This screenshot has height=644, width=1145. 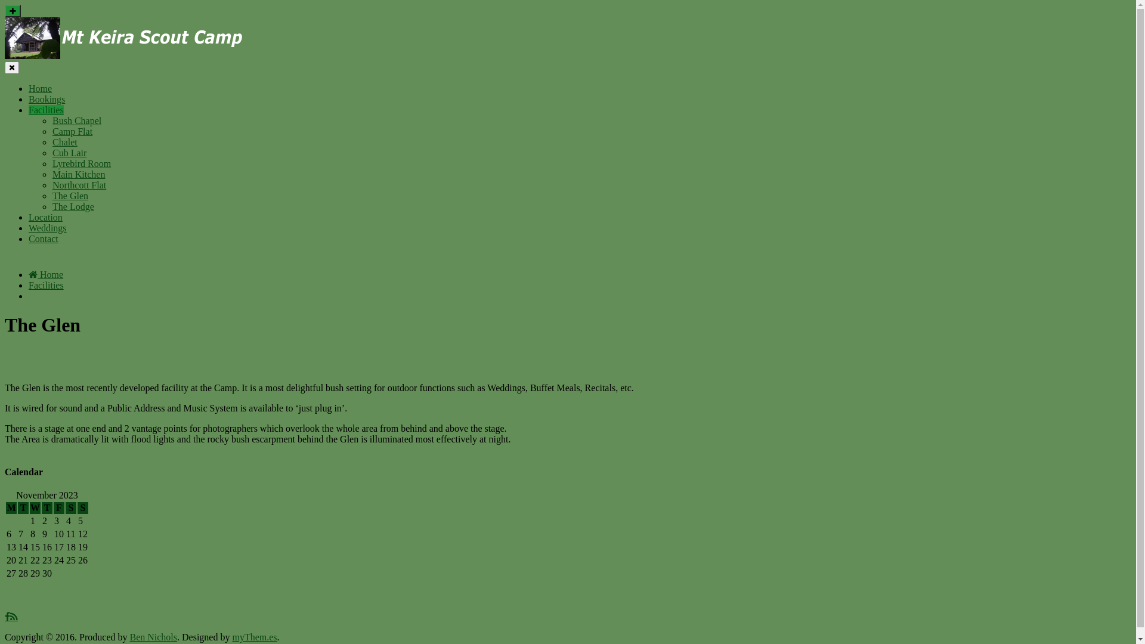 I want to click on 'Main Kitchen', so click(x=51, y=174).